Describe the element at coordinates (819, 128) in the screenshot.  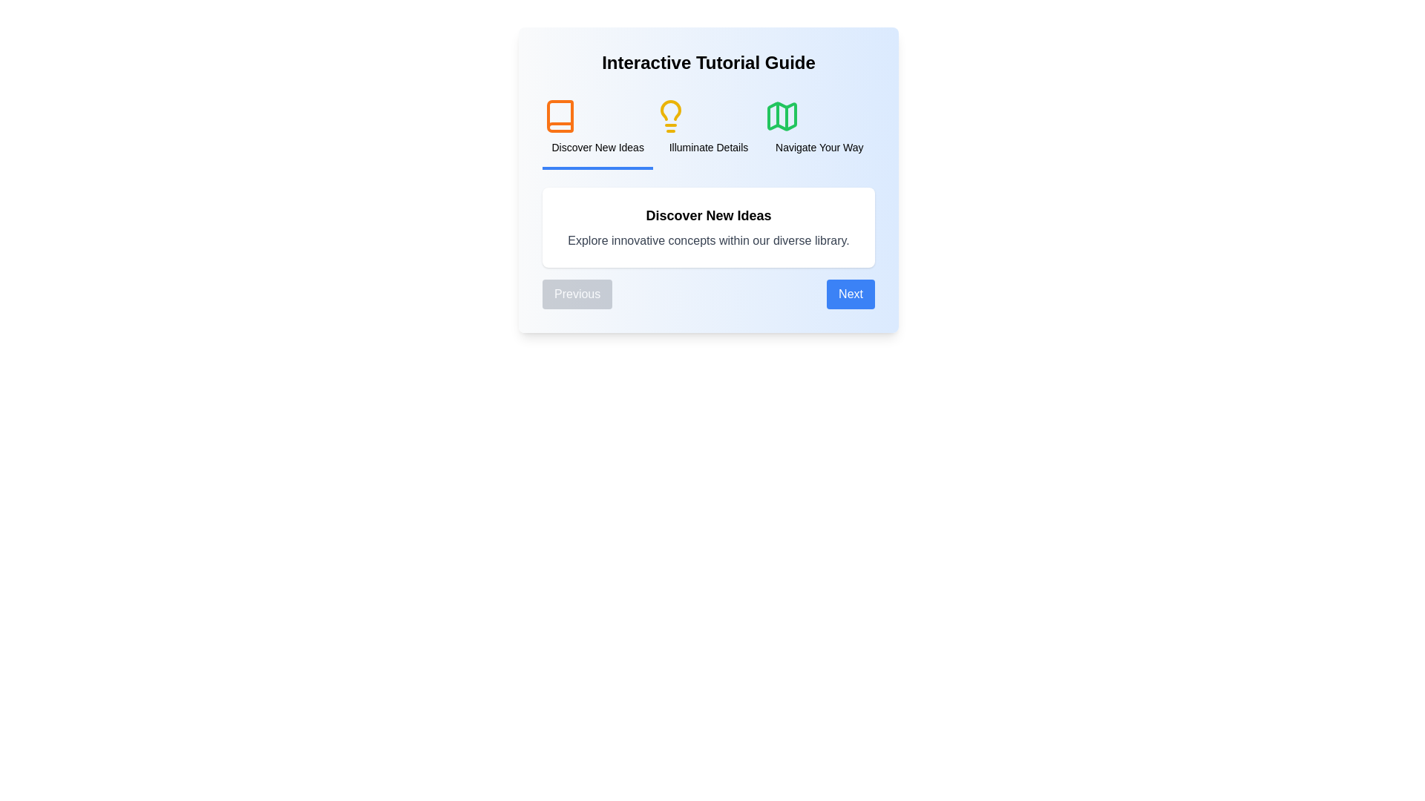
I see `the title of the step labeled 'Navigate Your Way' to navigate to it` at that location.